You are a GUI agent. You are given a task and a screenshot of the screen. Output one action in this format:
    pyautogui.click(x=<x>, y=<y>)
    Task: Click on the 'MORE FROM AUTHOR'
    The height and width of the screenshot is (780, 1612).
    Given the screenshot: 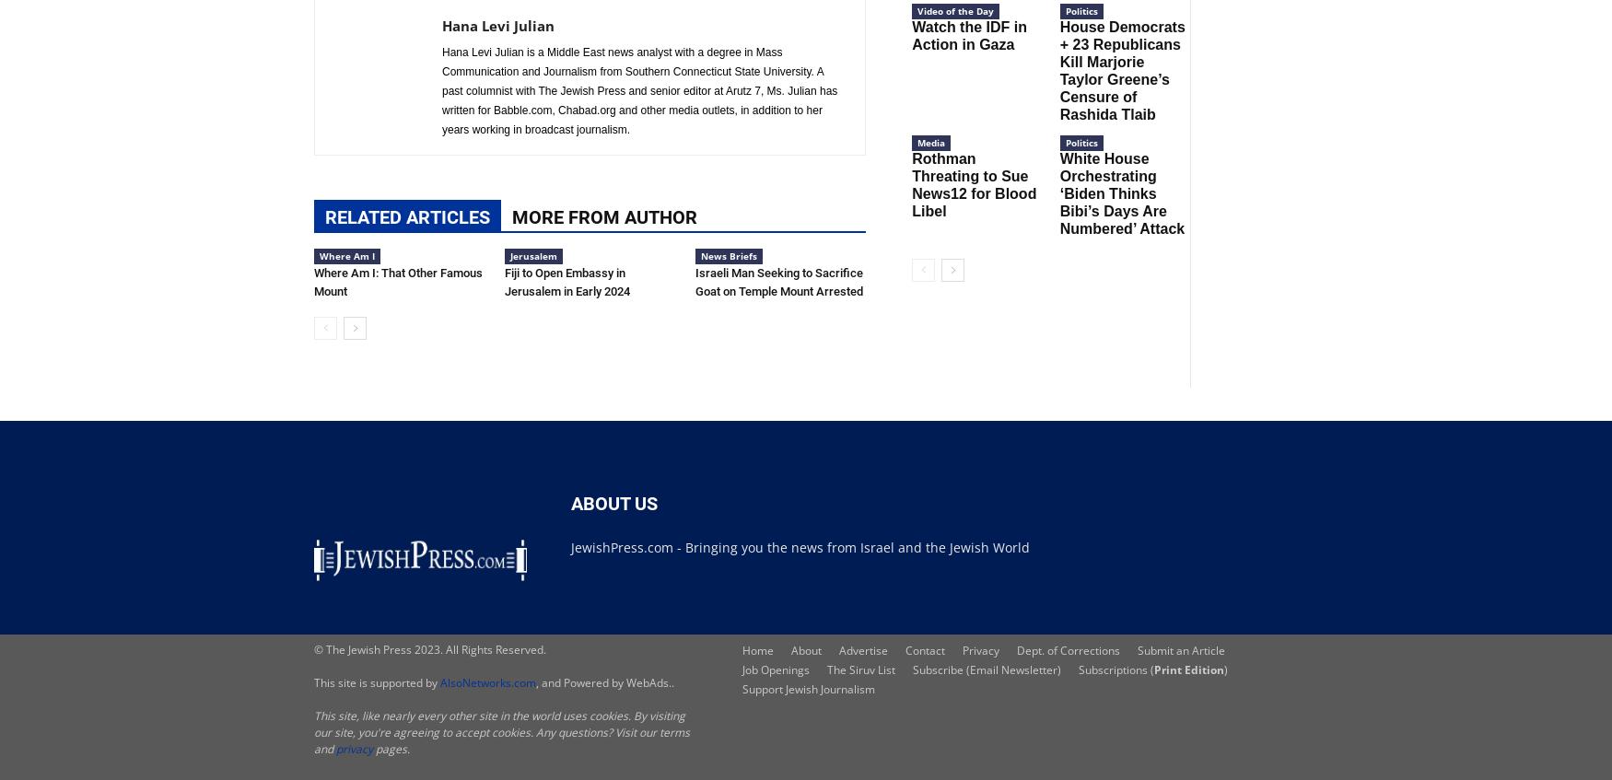 What is the action you would take?
    pyautogui.click(x=510, y=215)
    